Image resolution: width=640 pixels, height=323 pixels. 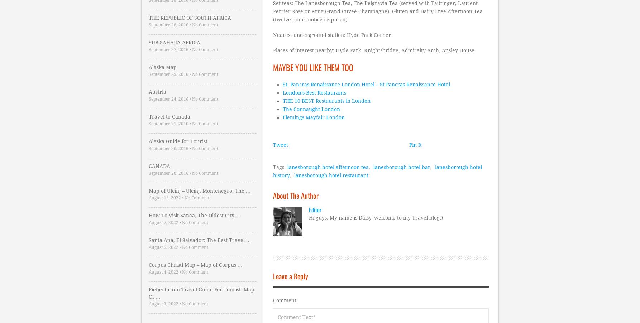 What do you see at coordinates (377, 170) in the screenshot?
I see `'lanesborough hotel history'` at bounding box center [377, 170].